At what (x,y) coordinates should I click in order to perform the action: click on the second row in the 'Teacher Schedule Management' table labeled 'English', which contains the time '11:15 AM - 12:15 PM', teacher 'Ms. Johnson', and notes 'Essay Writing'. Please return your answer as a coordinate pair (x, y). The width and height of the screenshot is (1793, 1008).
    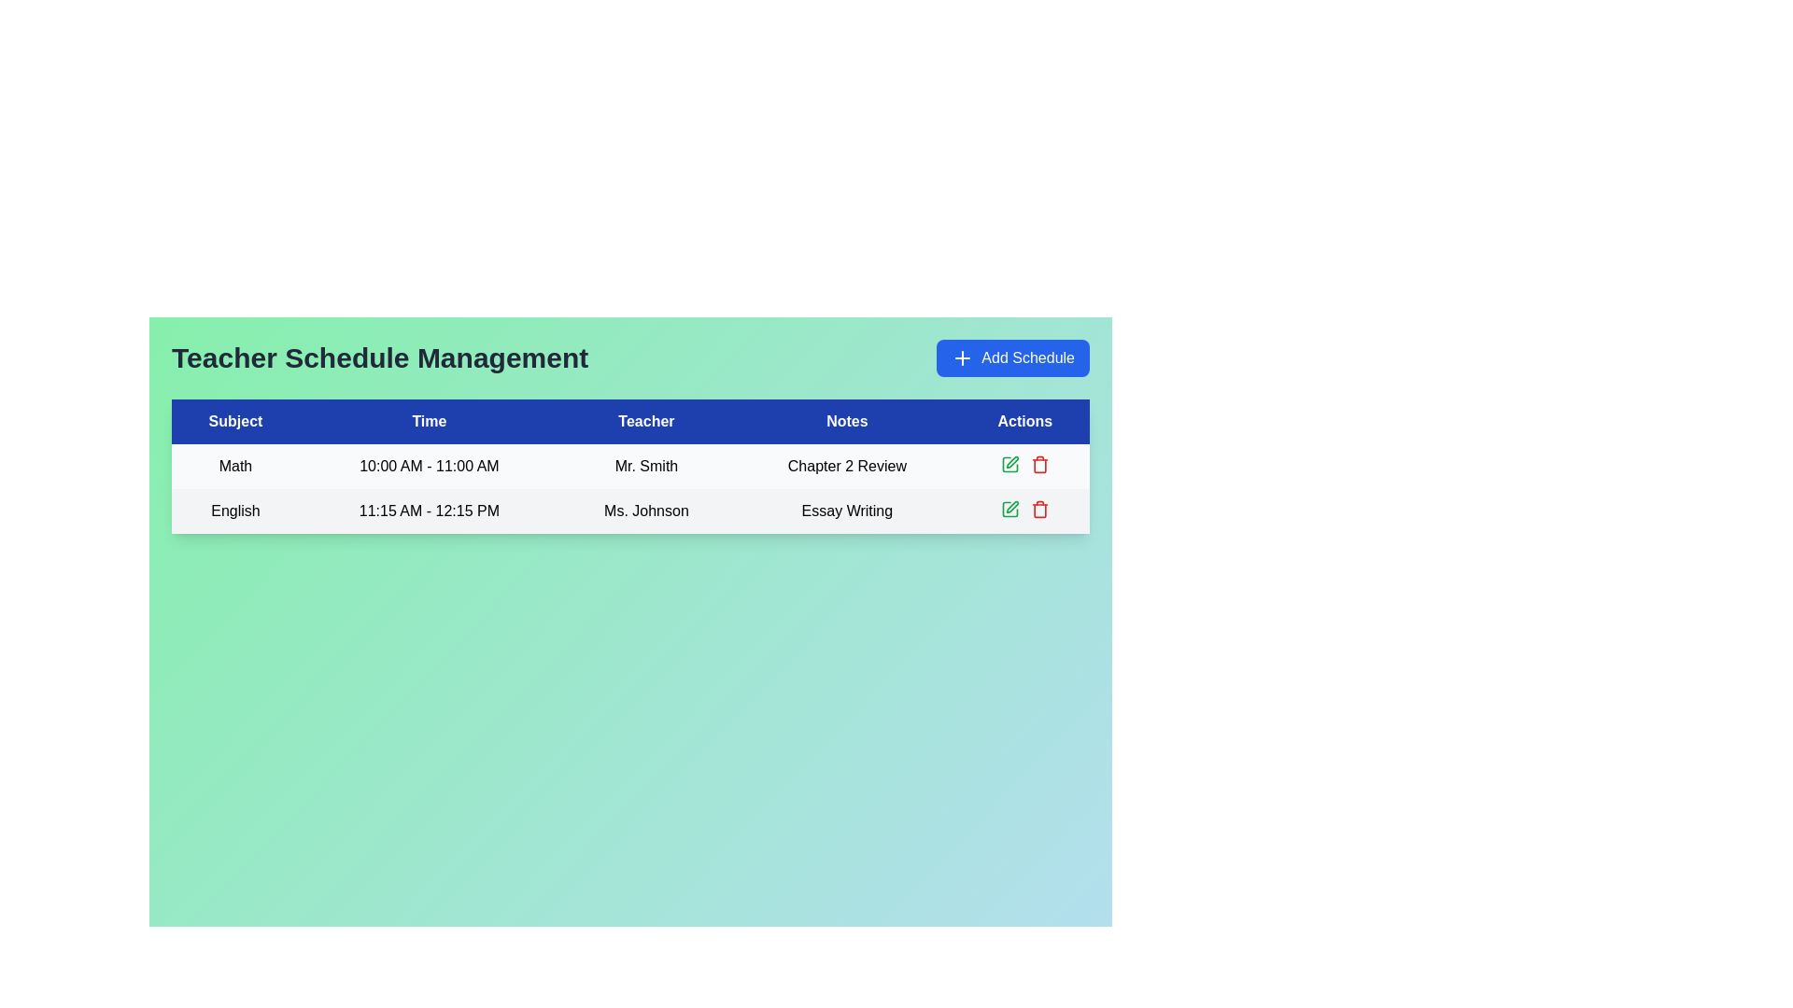
    Looking at the image, I should click on (630, 511).